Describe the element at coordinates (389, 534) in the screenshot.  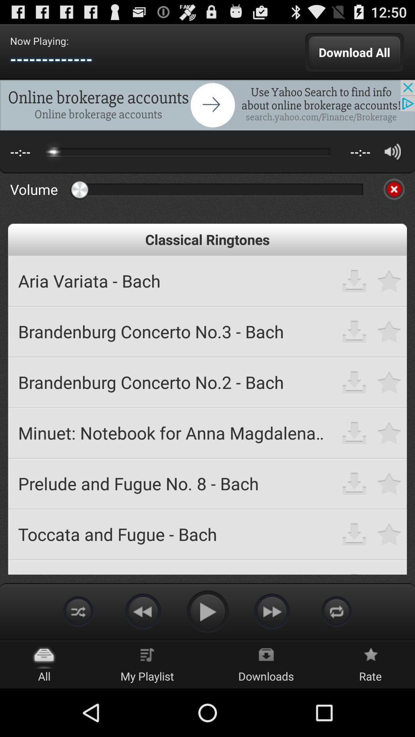
I see `option to favorite ringtone` at that location.